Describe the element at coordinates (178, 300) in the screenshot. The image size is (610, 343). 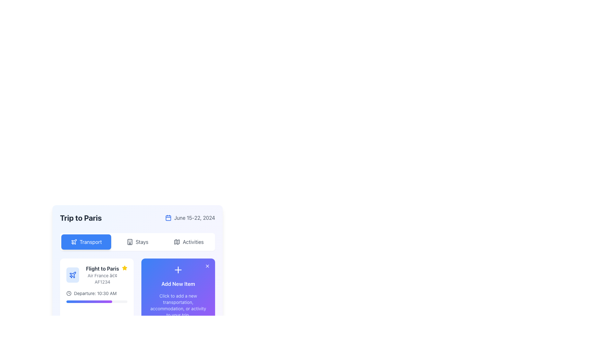
I see `the interactive card labeled 'Add New Item' with a button 'Add Now' at the bottom, located below the 'Flight to Paris' detail card` at that location.